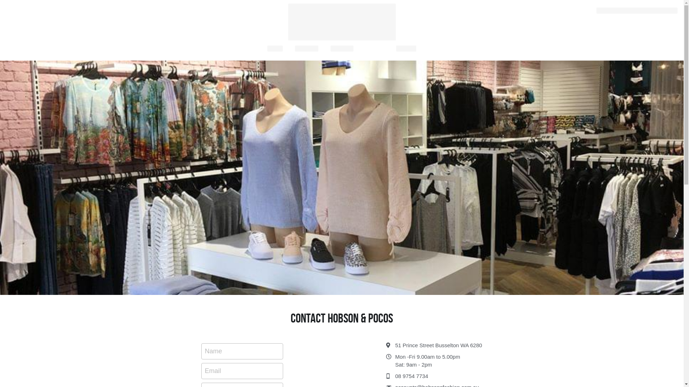 This screenshot has height=387, width=689. What do you see at coordinates (330, 48) in the screenshot?
I see `'Rewards'` at bounding box center [330, 48].